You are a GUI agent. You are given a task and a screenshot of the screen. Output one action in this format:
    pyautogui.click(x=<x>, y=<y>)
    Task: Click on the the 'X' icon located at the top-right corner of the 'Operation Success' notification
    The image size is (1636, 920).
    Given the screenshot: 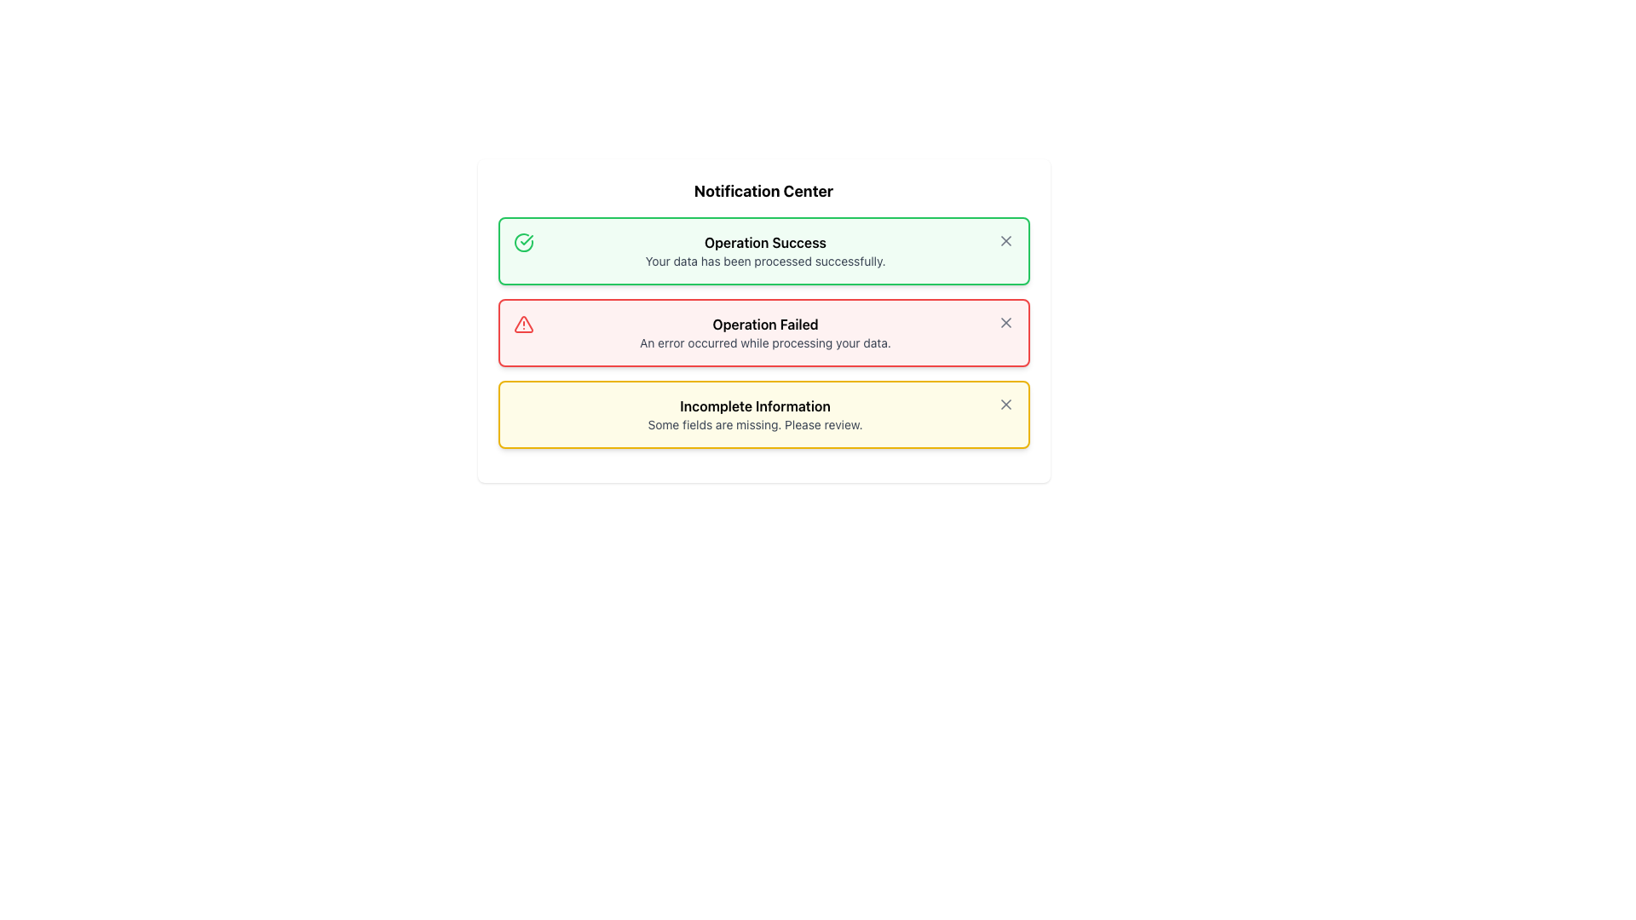 What is the action you would take?
    pyautogui.click(x=1005, y=240)
    